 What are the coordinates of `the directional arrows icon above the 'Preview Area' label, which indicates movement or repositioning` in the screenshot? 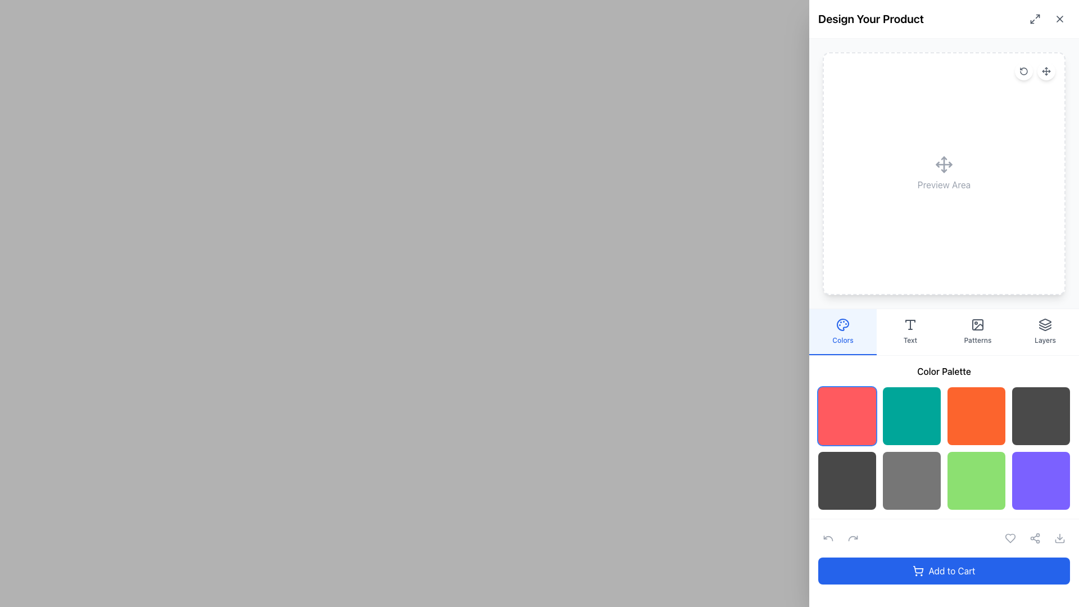 It's located at (944, 173).